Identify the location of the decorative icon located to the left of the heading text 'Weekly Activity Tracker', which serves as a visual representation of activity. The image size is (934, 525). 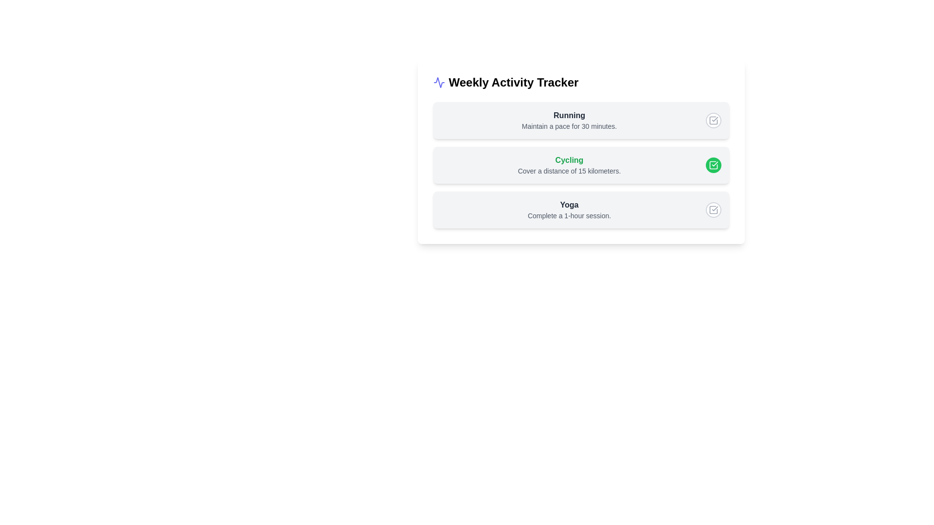
(438, 82).